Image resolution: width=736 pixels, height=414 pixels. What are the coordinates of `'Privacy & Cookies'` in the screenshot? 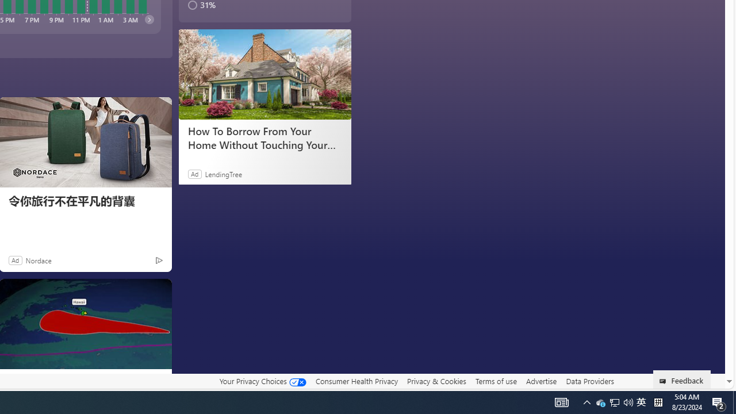 It's located at (436, 381).